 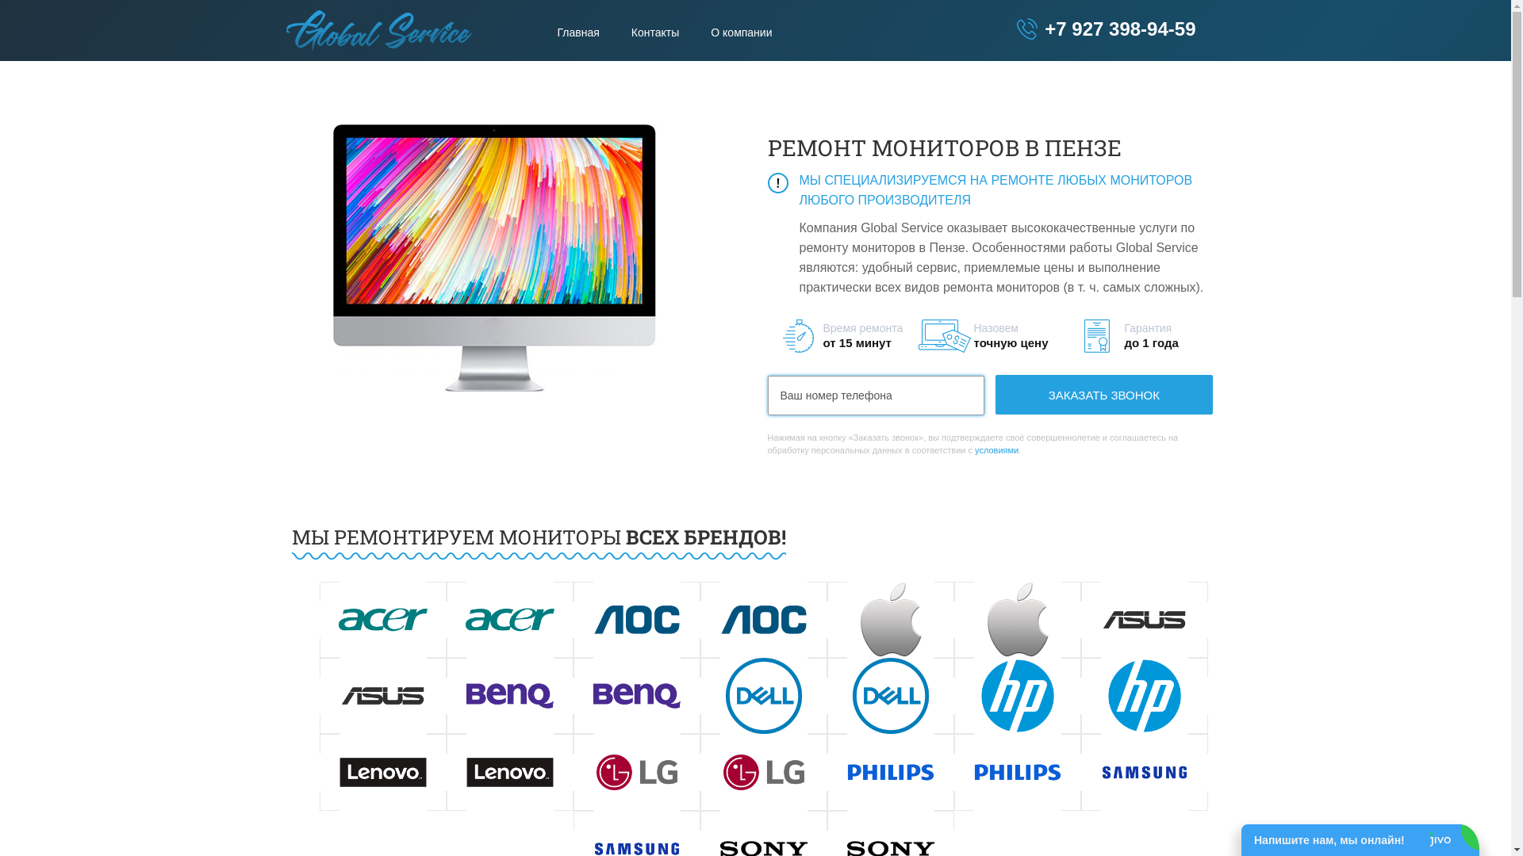 What do you see at coordinates (1105, 29) in the screenshot?
I see `'+7 927 398-94-59'` at bounding box center [1105, 29].